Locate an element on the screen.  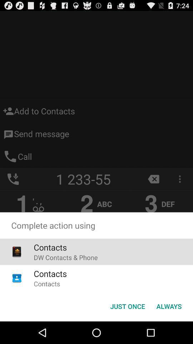
the item above the contacts is located at coordinates (65, 257).